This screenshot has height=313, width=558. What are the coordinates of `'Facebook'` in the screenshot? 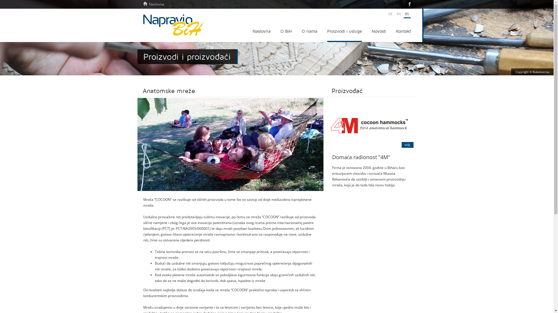 It's located at (409, 4).